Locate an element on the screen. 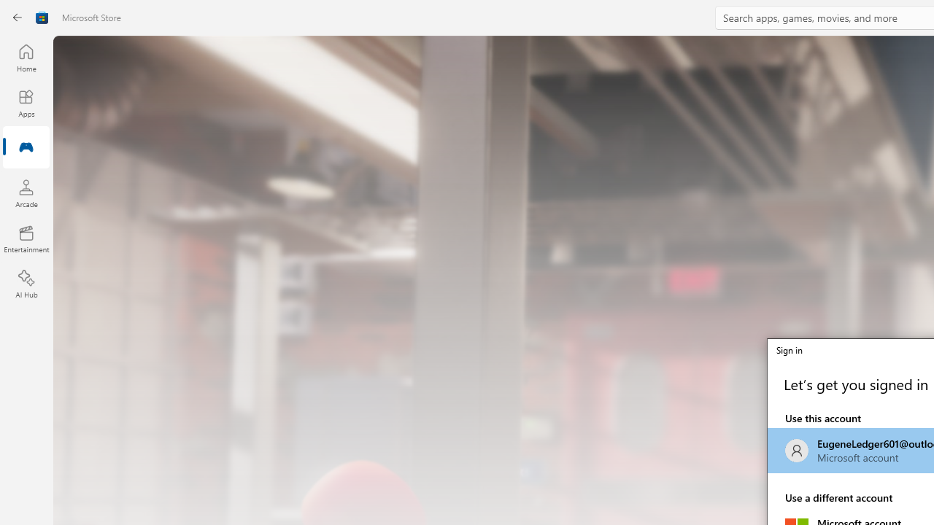  'Back' is located at coordinates (18, 17).